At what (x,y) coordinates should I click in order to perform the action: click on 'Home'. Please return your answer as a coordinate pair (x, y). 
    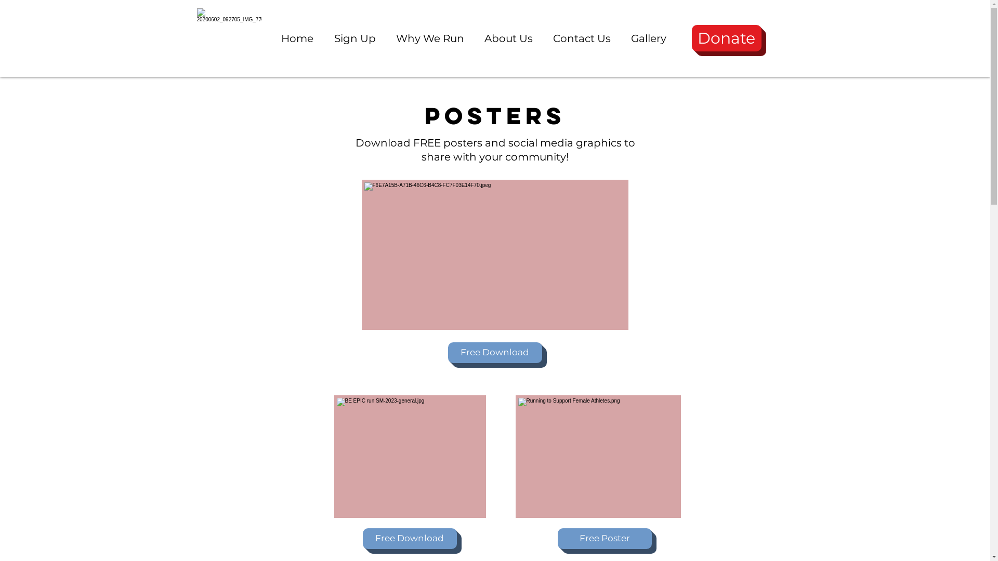
    Looking at the image, I should click on (299, 32).